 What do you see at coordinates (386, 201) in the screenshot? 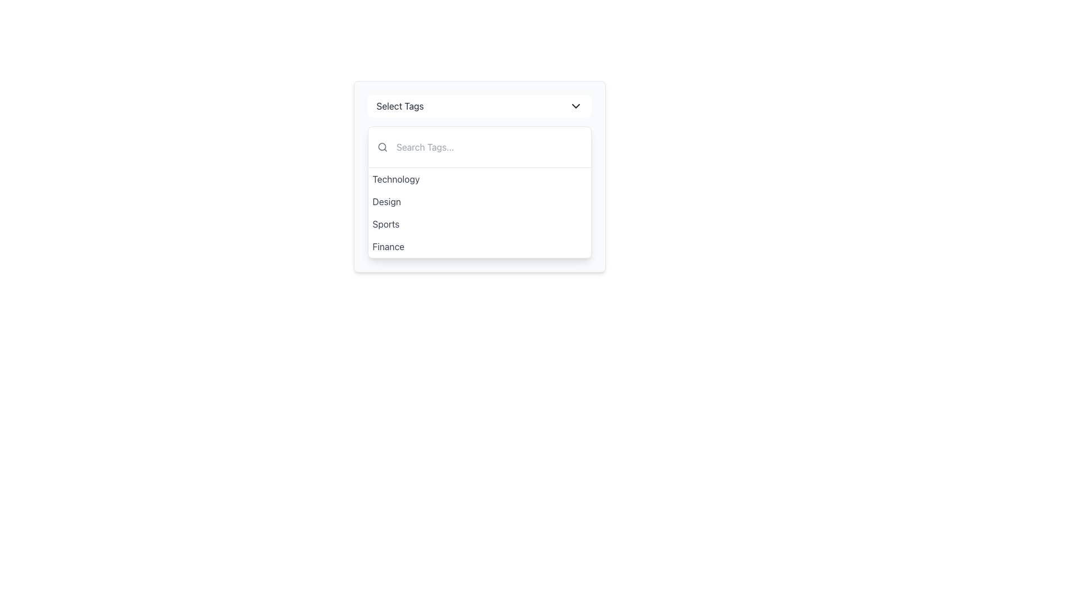
I see `the 'Design' text label in the dropdown list under 'Select Tags'` at bounding box center [386, 201].